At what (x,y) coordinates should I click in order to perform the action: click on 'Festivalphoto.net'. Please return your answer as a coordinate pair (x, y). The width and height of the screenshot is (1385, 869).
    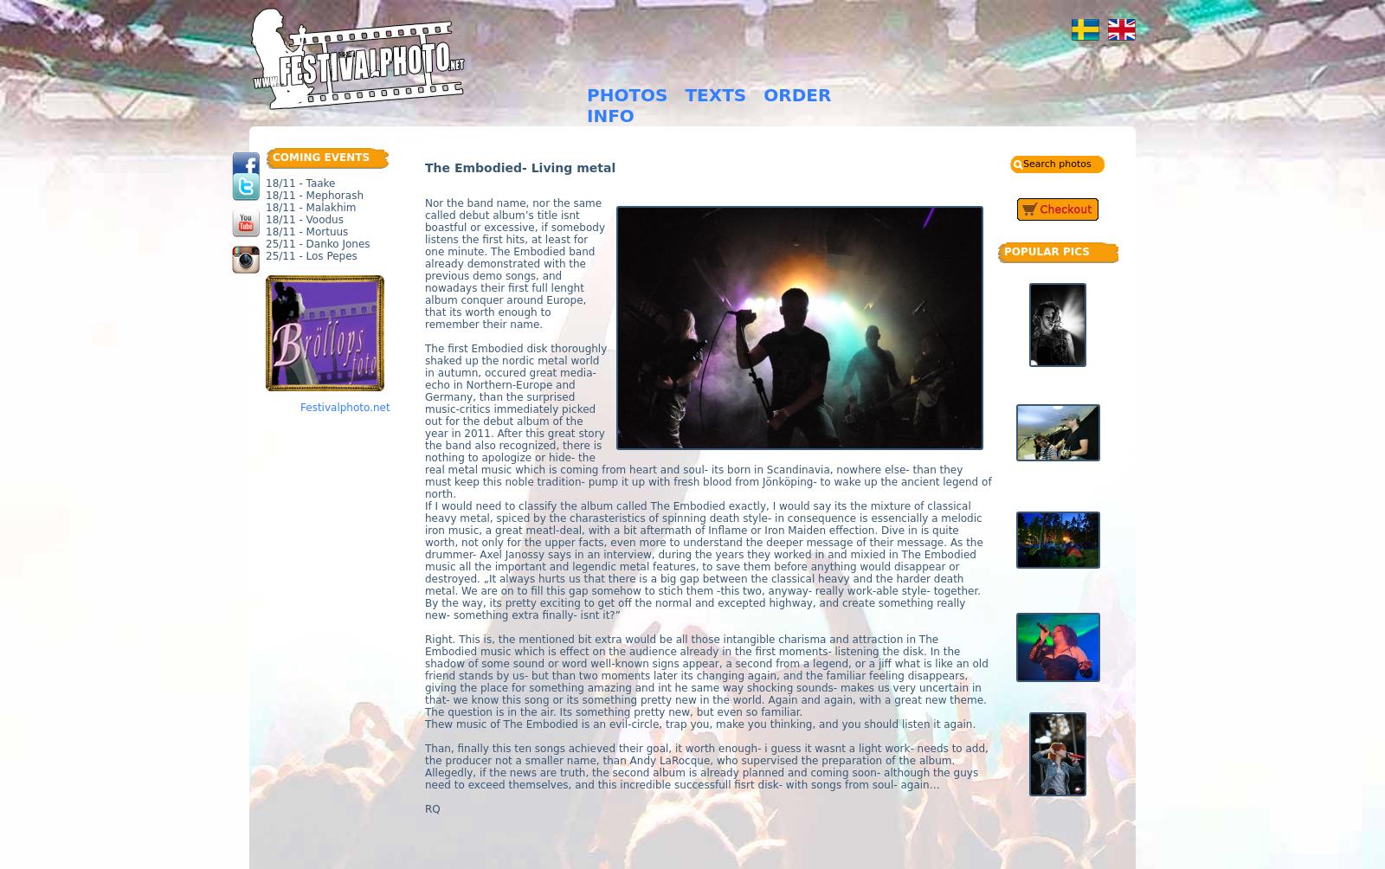
    Looking at the image, I should click on (300, 405).